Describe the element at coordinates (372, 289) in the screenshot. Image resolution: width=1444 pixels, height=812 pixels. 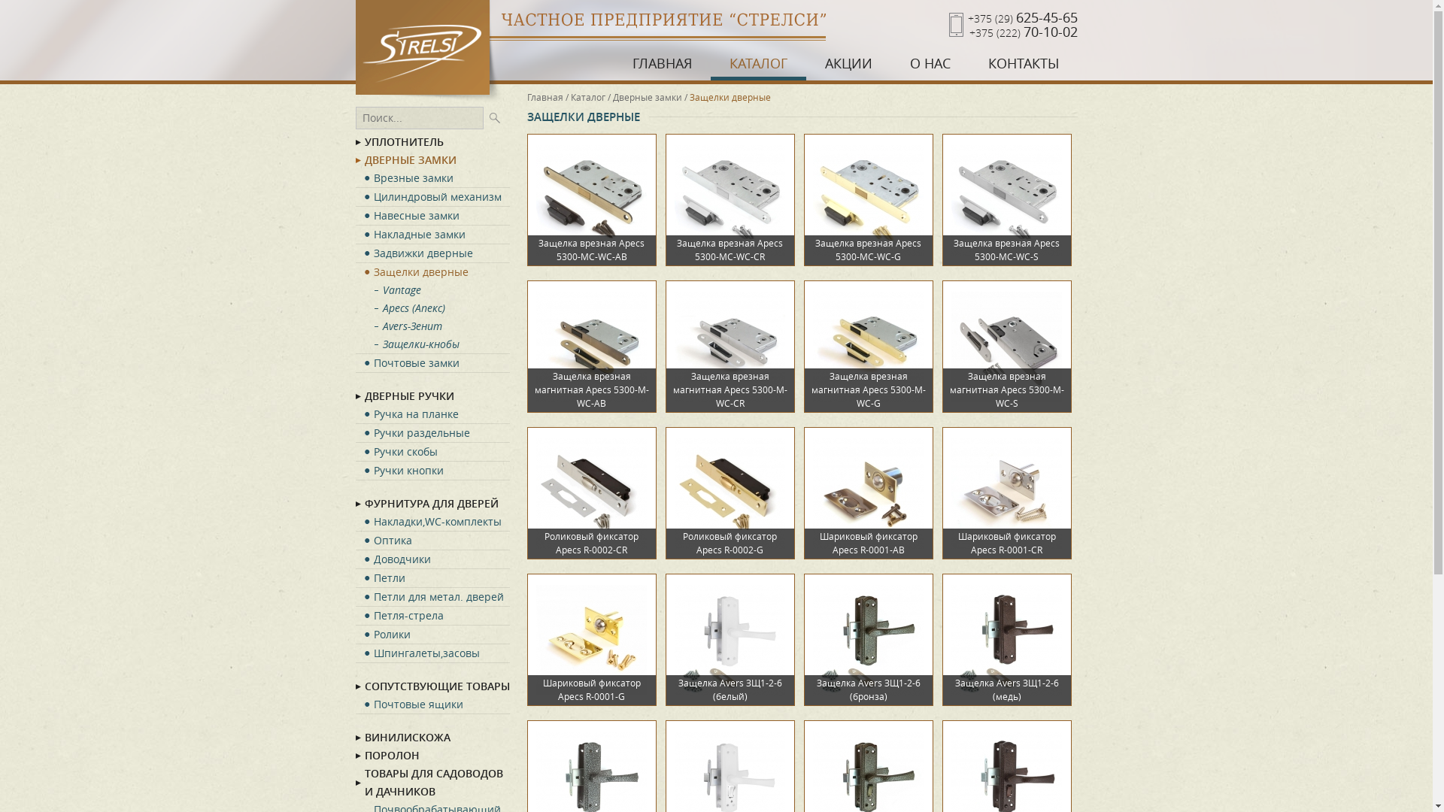
I see `'Vantage'` at that location.